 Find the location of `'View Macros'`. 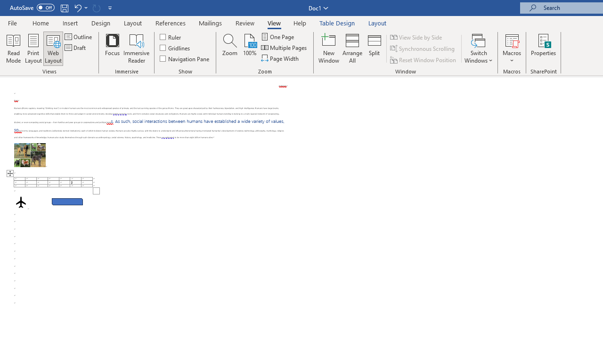

'View Macros' is located at coordinates (511, 40).